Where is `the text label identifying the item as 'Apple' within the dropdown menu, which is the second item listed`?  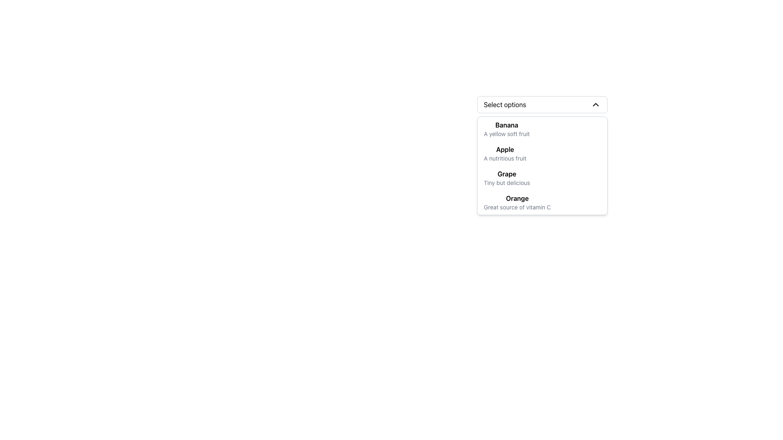 the text label identifying the item as 'Apple' within the dropdown menu, which is the second item listed is located at coordinates (504, 149).